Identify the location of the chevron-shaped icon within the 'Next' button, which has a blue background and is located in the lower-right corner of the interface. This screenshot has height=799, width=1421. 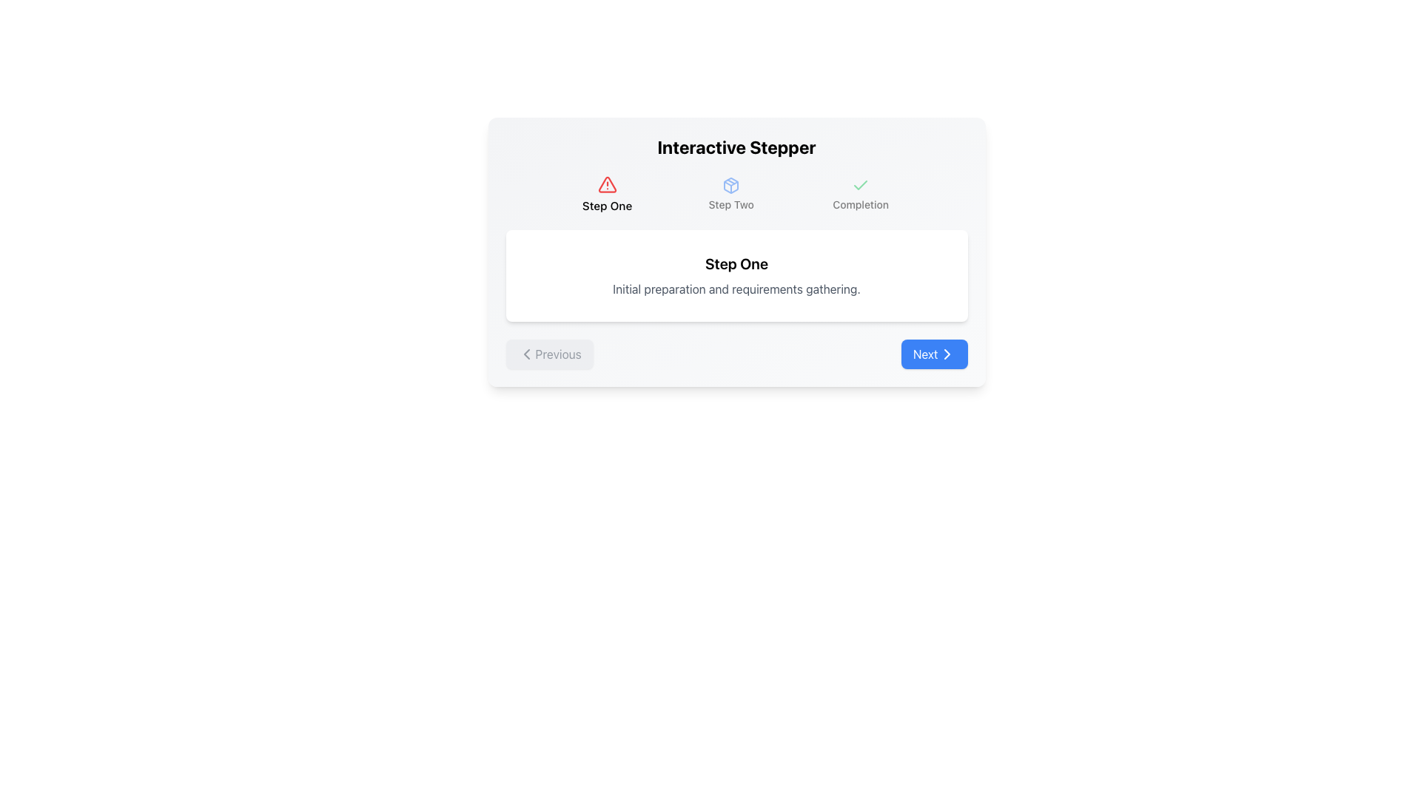
(946, 354).